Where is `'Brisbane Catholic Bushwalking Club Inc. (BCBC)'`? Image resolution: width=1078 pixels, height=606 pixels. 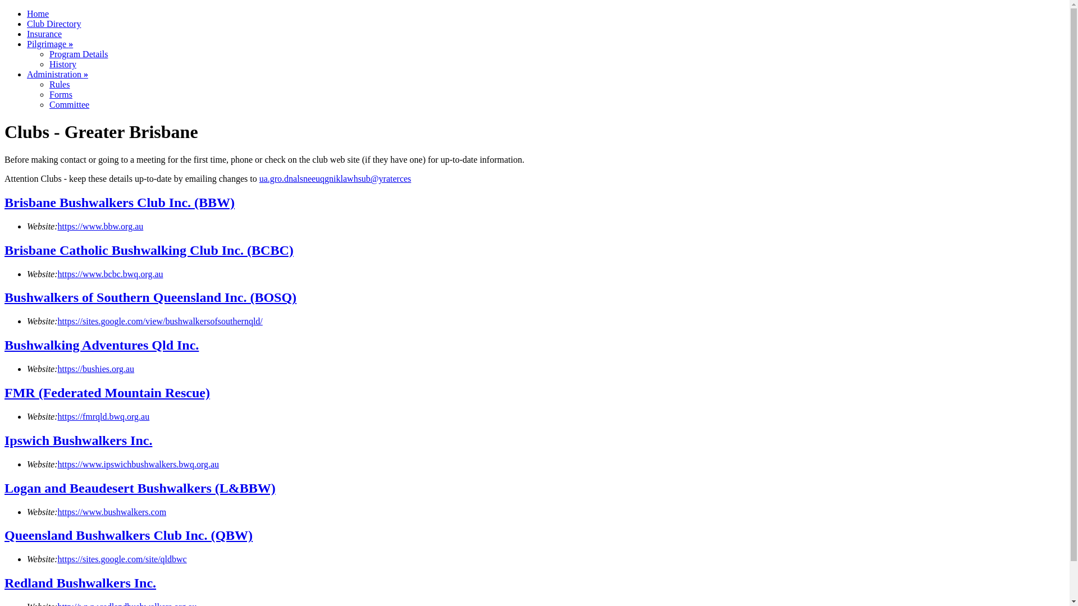 'Brisbane Catholic Bushwalking Club Inc. (BCBC)' is located at coordinates (148, 250).